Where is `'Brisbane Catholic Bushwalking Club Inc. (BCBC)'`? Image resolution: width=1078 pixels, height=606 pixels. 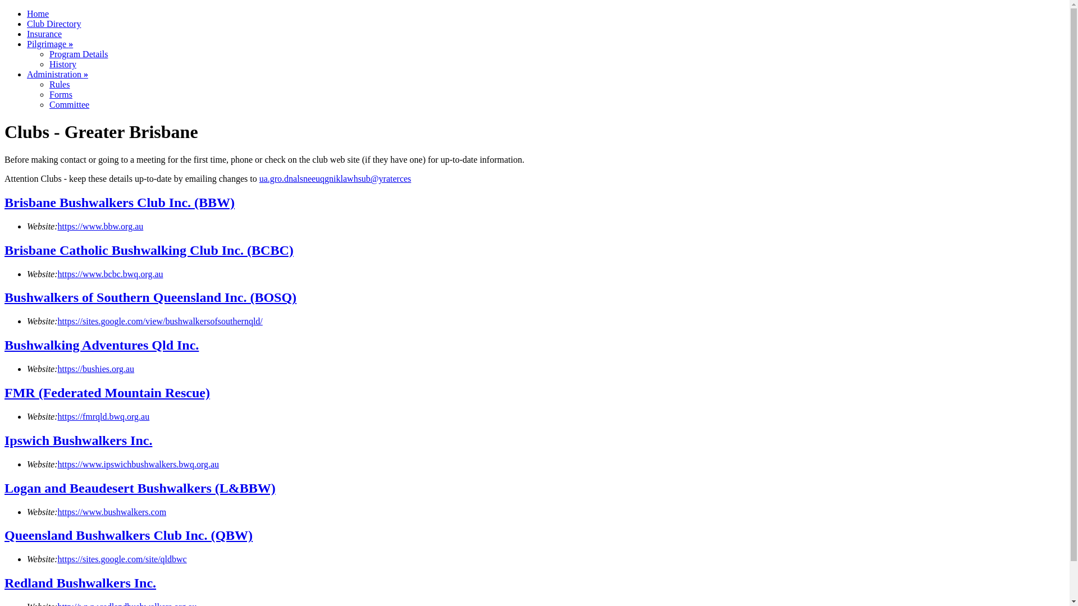 'Brisbane Catholic Bushwalking Club Inc. (BCBC)' is located at coordinates (148, 250).